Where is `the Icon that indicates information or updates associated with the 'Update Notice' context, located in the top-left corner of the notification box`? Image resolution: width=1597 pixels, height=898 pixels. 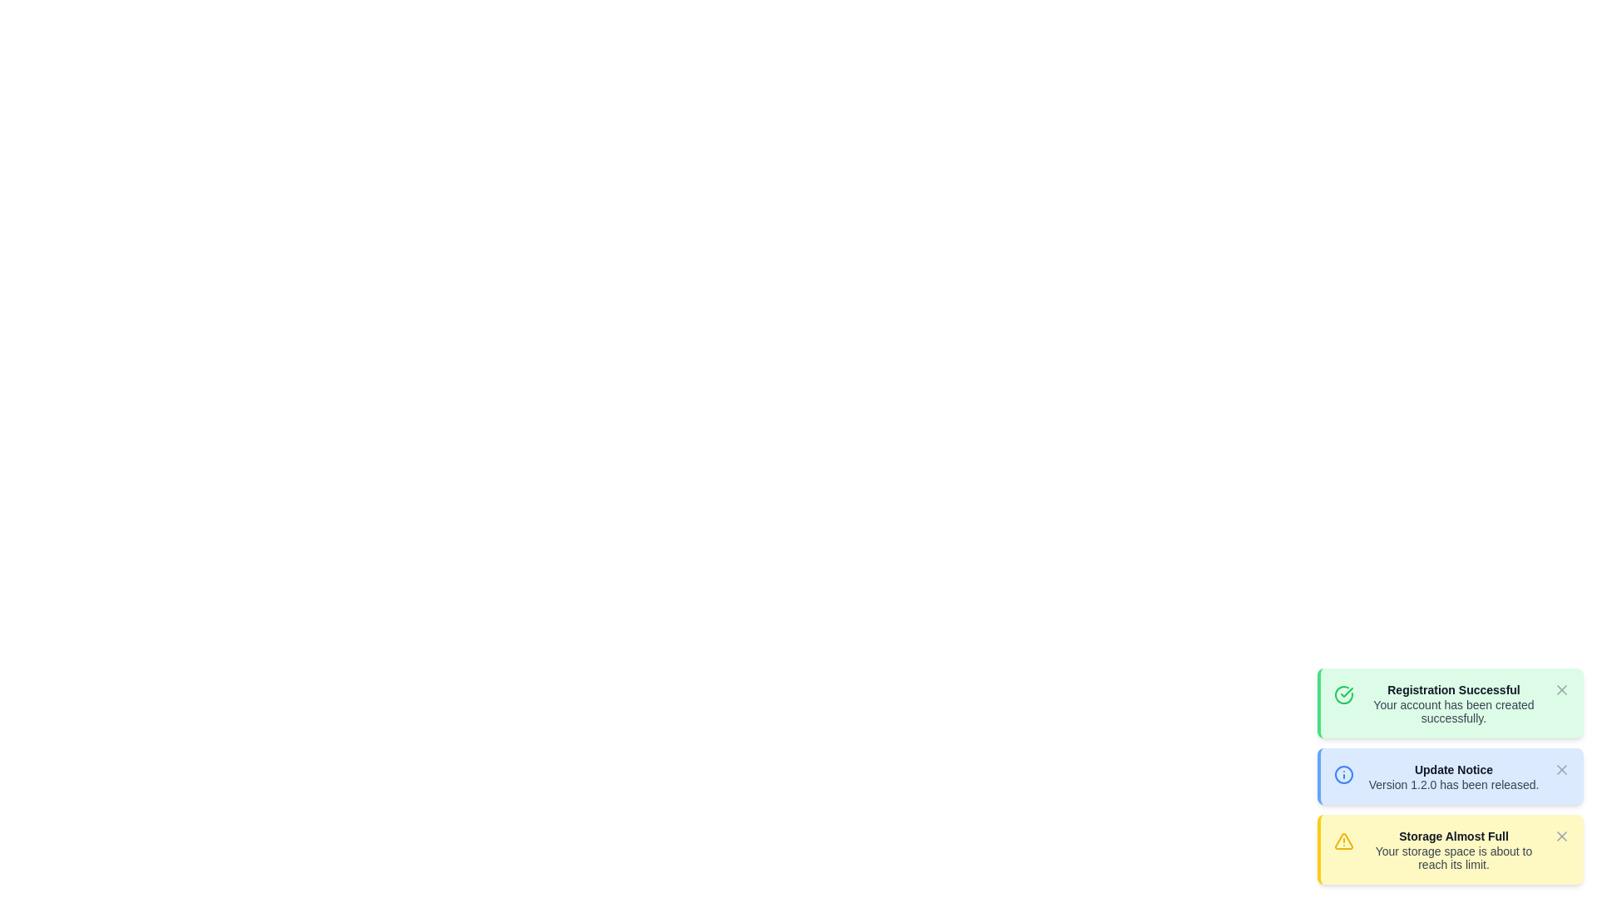
the Icon that indicates information or updates associated with the 'Update Notice' context, located in the top-left corner of the notification box is located at coordinates (1344, 772).